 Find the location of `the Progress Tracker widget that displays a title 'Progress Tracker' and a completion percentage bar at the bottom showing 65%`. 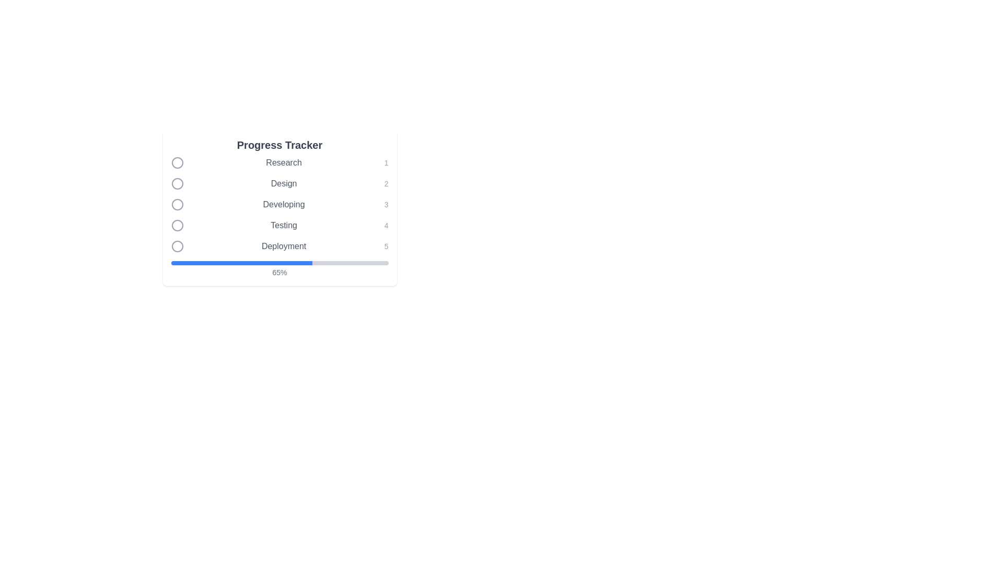

the Progress Tracker widget that displays a title 'Progress Tracker' and a completion percentage bar at the bottom showing 65% is located at coordinates (279, 207).